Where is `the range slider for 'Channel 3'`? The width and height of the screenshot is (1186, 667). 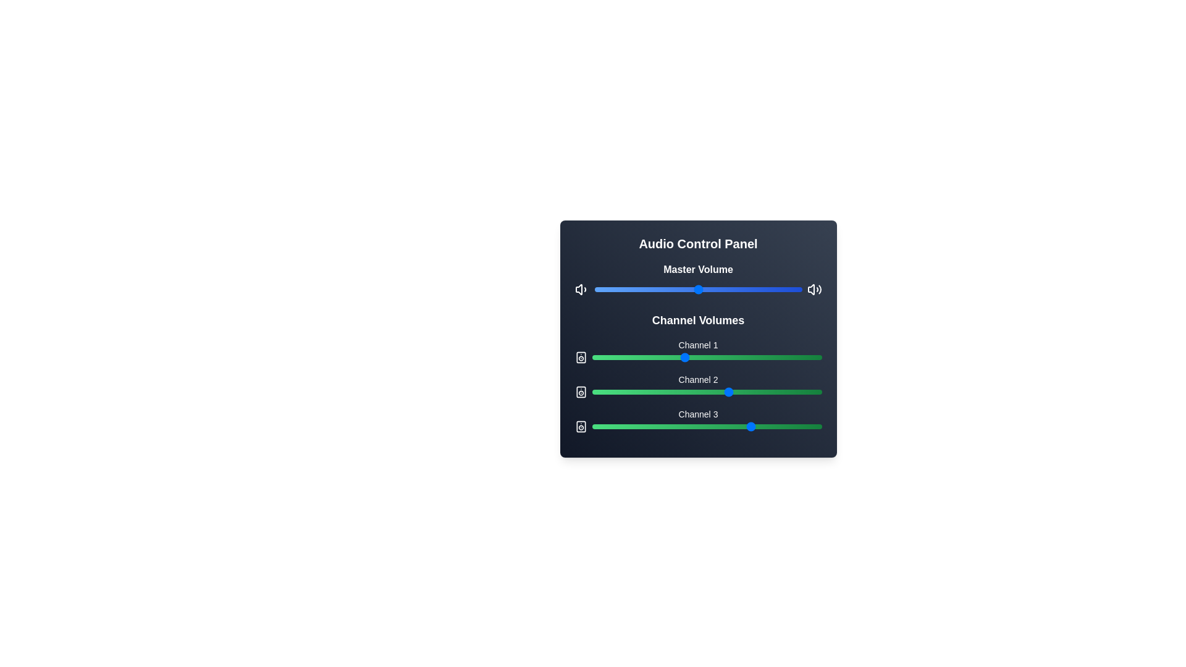 the range slider for 'Channel 3' is located at coordinates (707, 426).